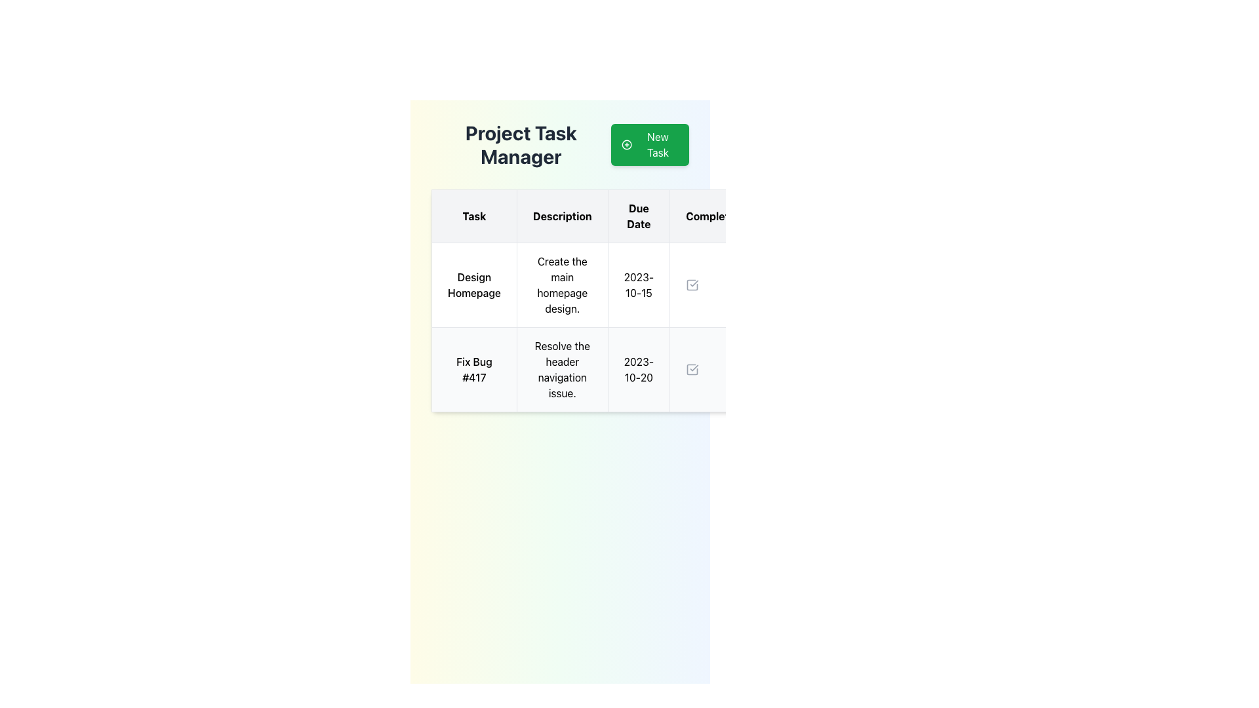  Describe the element at coordinates (692, 369) in the screenshot. I see `the completion status icon located in the 'Complete' column of the second row, adjacent to the 'Fix Bug #417' task entry` at that location.